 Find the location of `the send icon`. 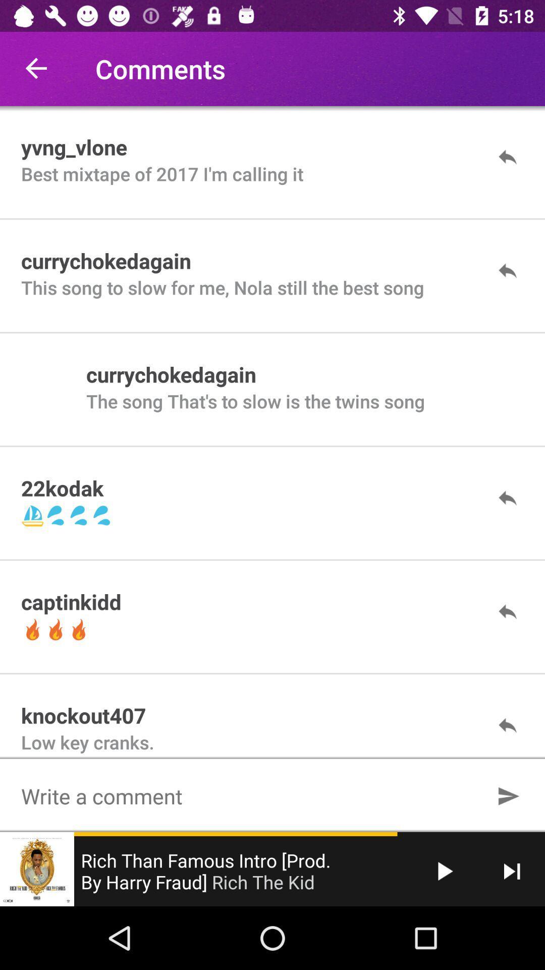

the send icon is located at coordinates (508, 795).